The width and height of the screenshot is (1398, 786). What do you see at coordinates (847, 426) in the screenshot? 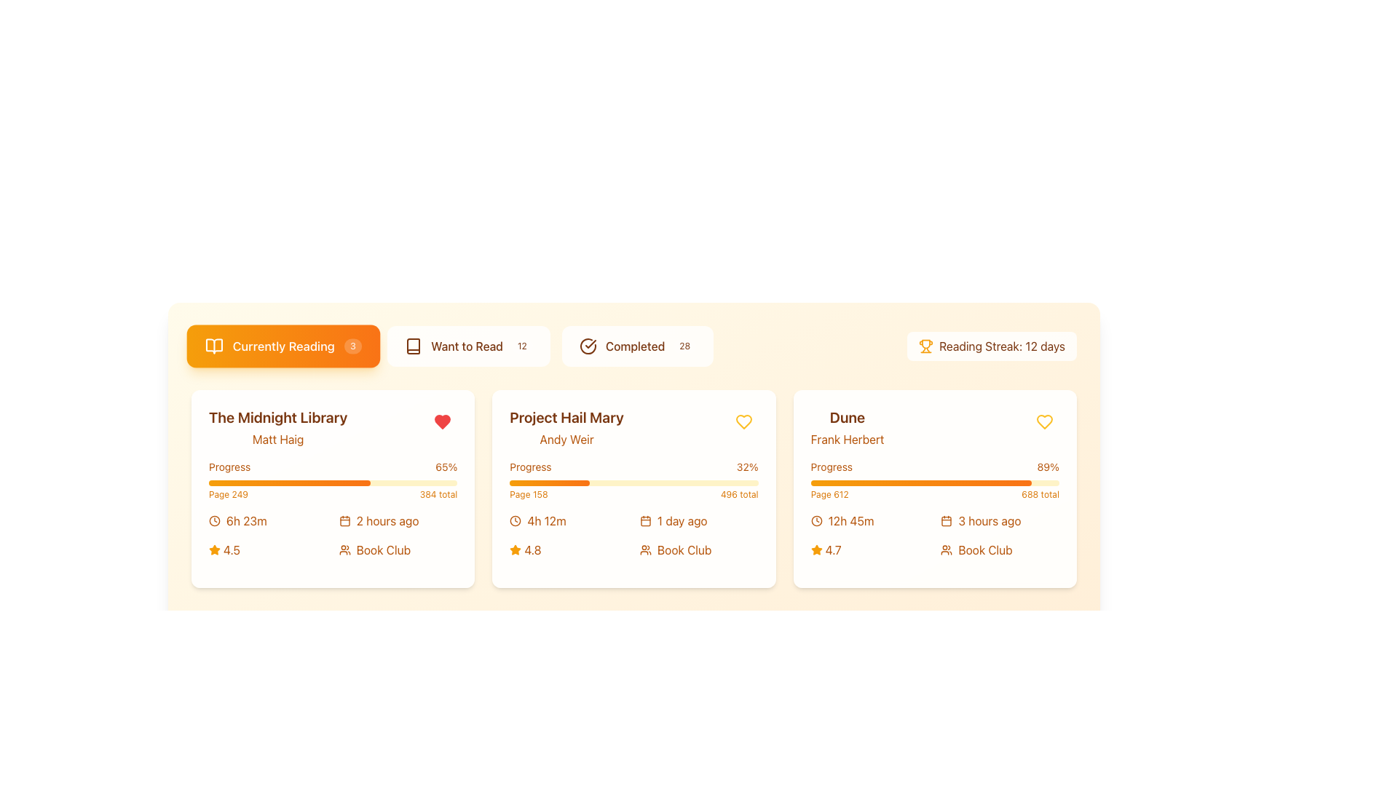
I see `the Text Display element that shows the title and author name of the book in the 'Currently Reading' section, located in the third card from the left, positioned near the top above the progress bar` at bounding box center [847, 426].